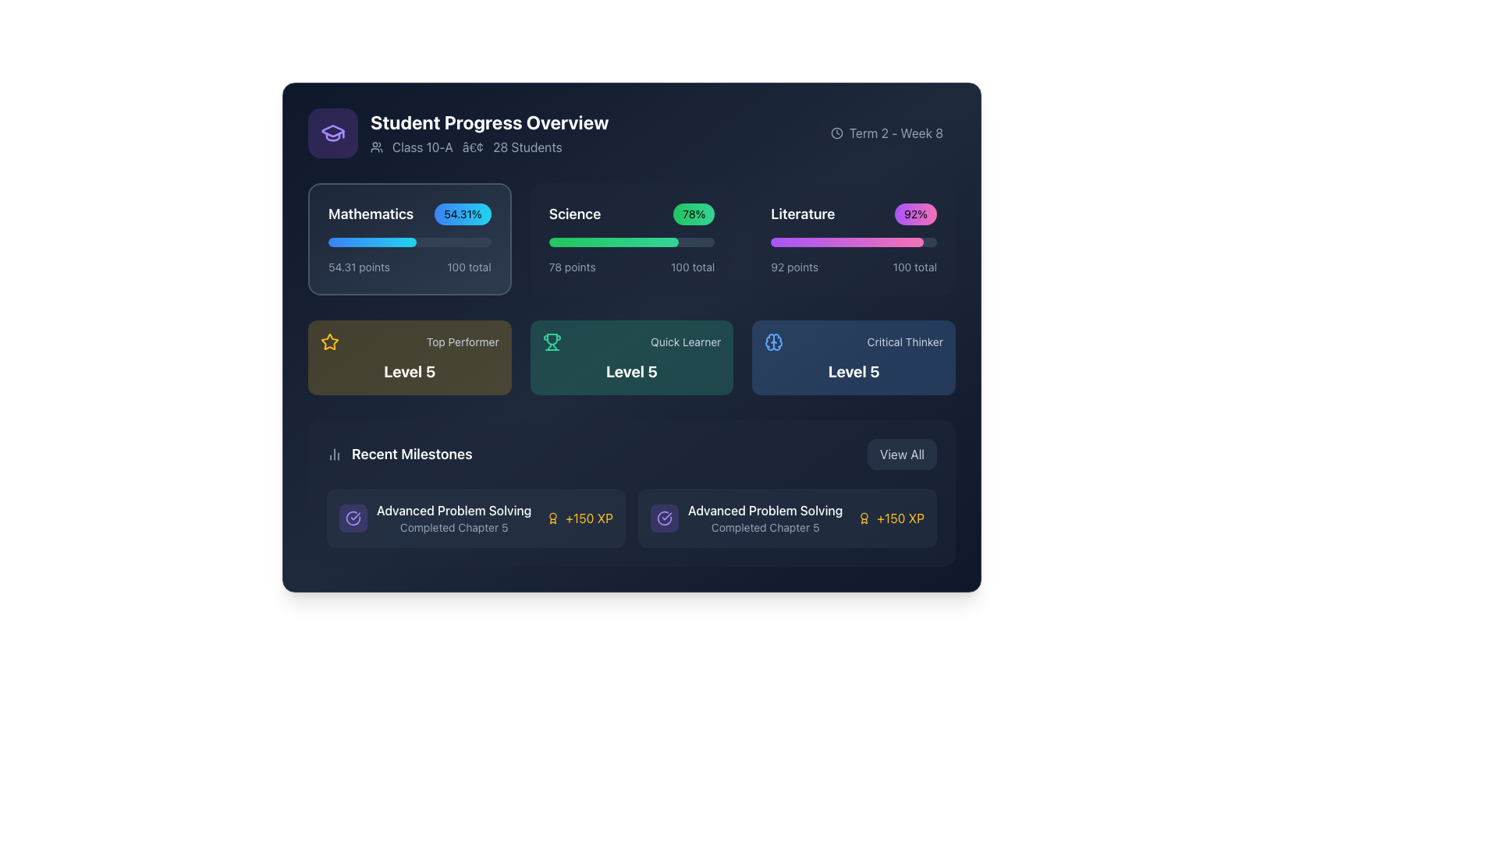 The width and height of the screenshot is (1498, 842). Describe the element at coordinates (475, 518) in the screenshot. I see `the Achievement card located in the Recent Milestones section, which displays information about a completed chapter and its reward in experience points` at that location.